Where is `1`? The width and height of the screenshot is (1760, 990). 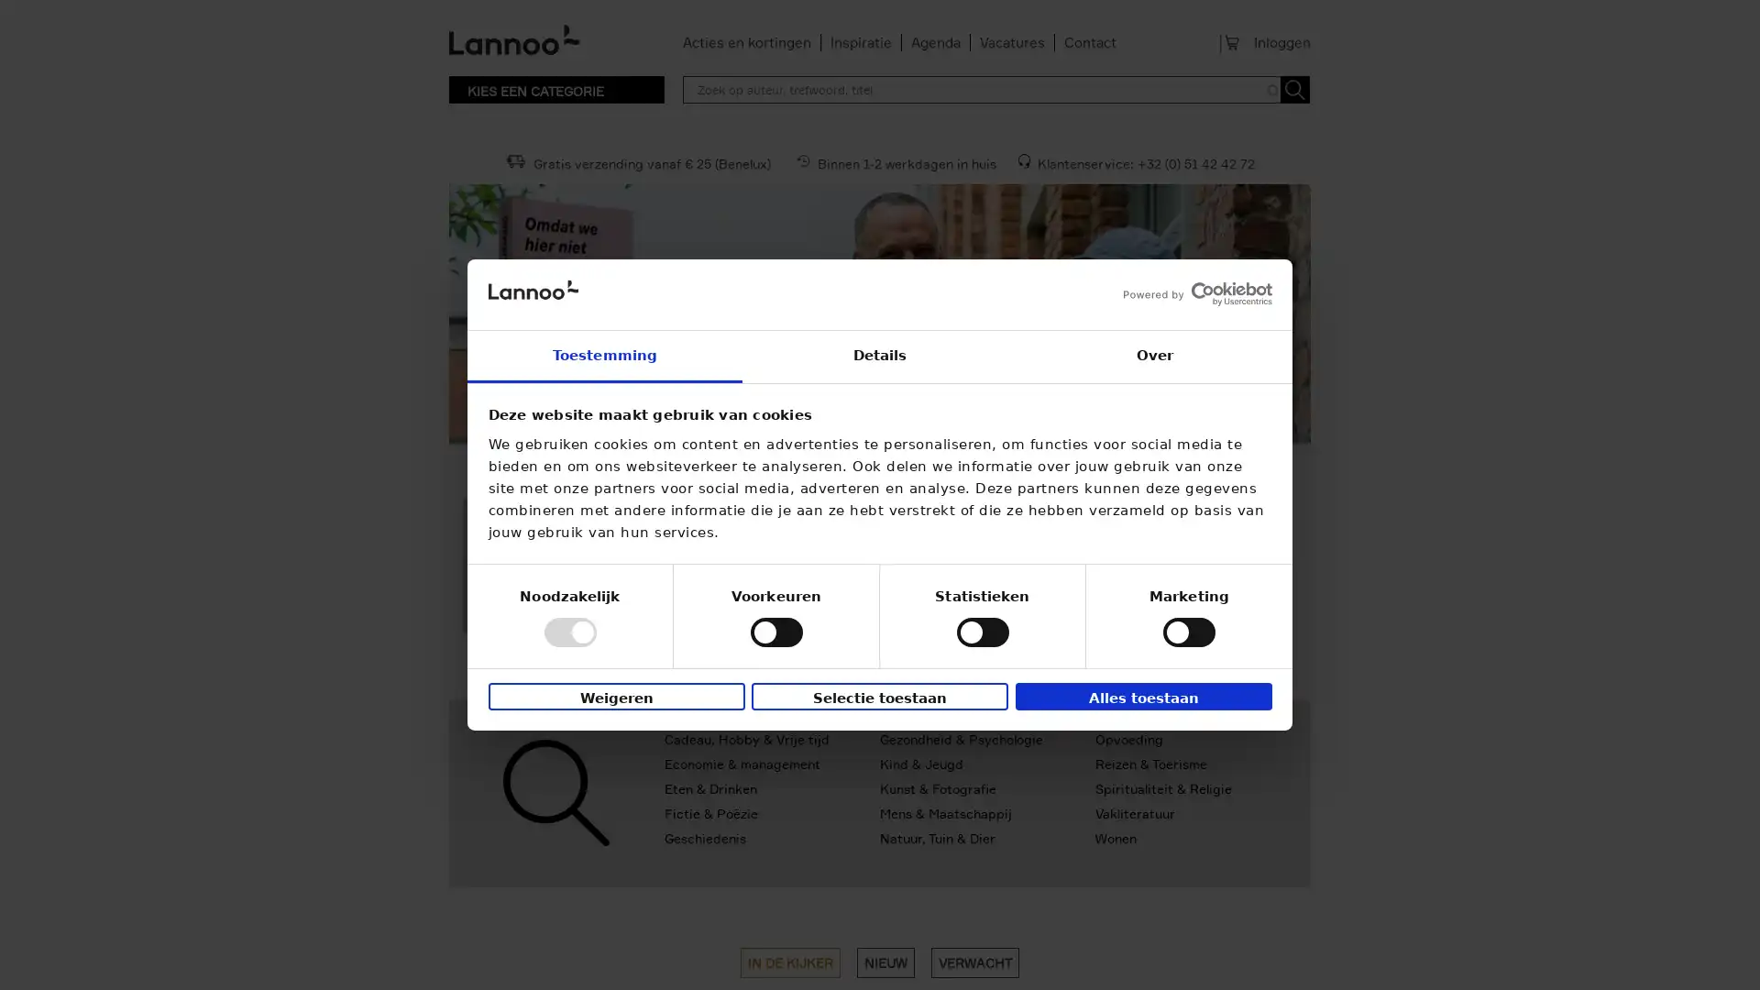
1 is located at coordinates (838, 424).